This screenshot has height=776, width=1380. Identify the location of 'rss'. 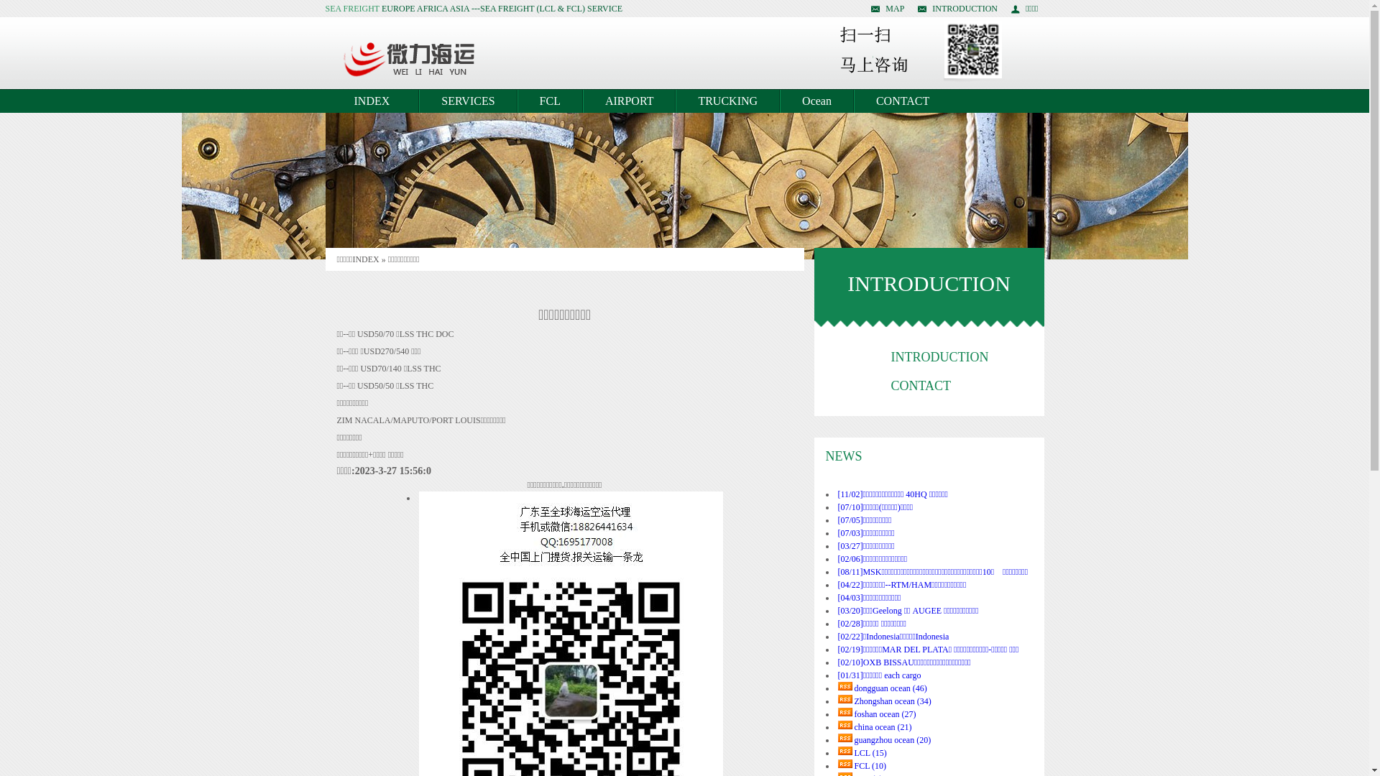
(845, 712).